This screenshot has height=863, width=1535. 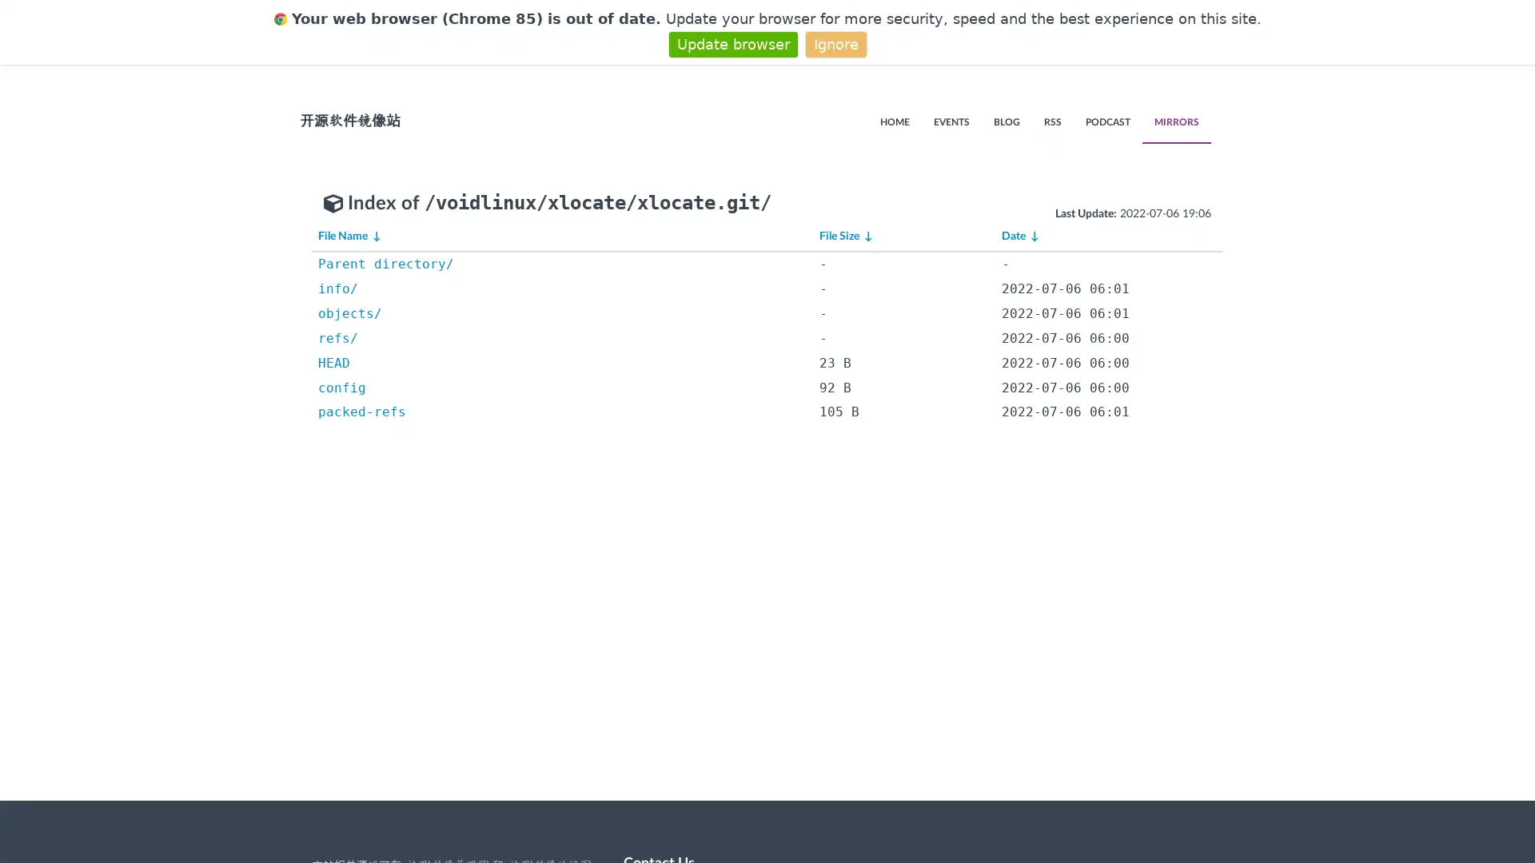 What do you see at coordinates (835, 43) in the screenshot?
I see `Ignore` at bounding box center [835, 43].